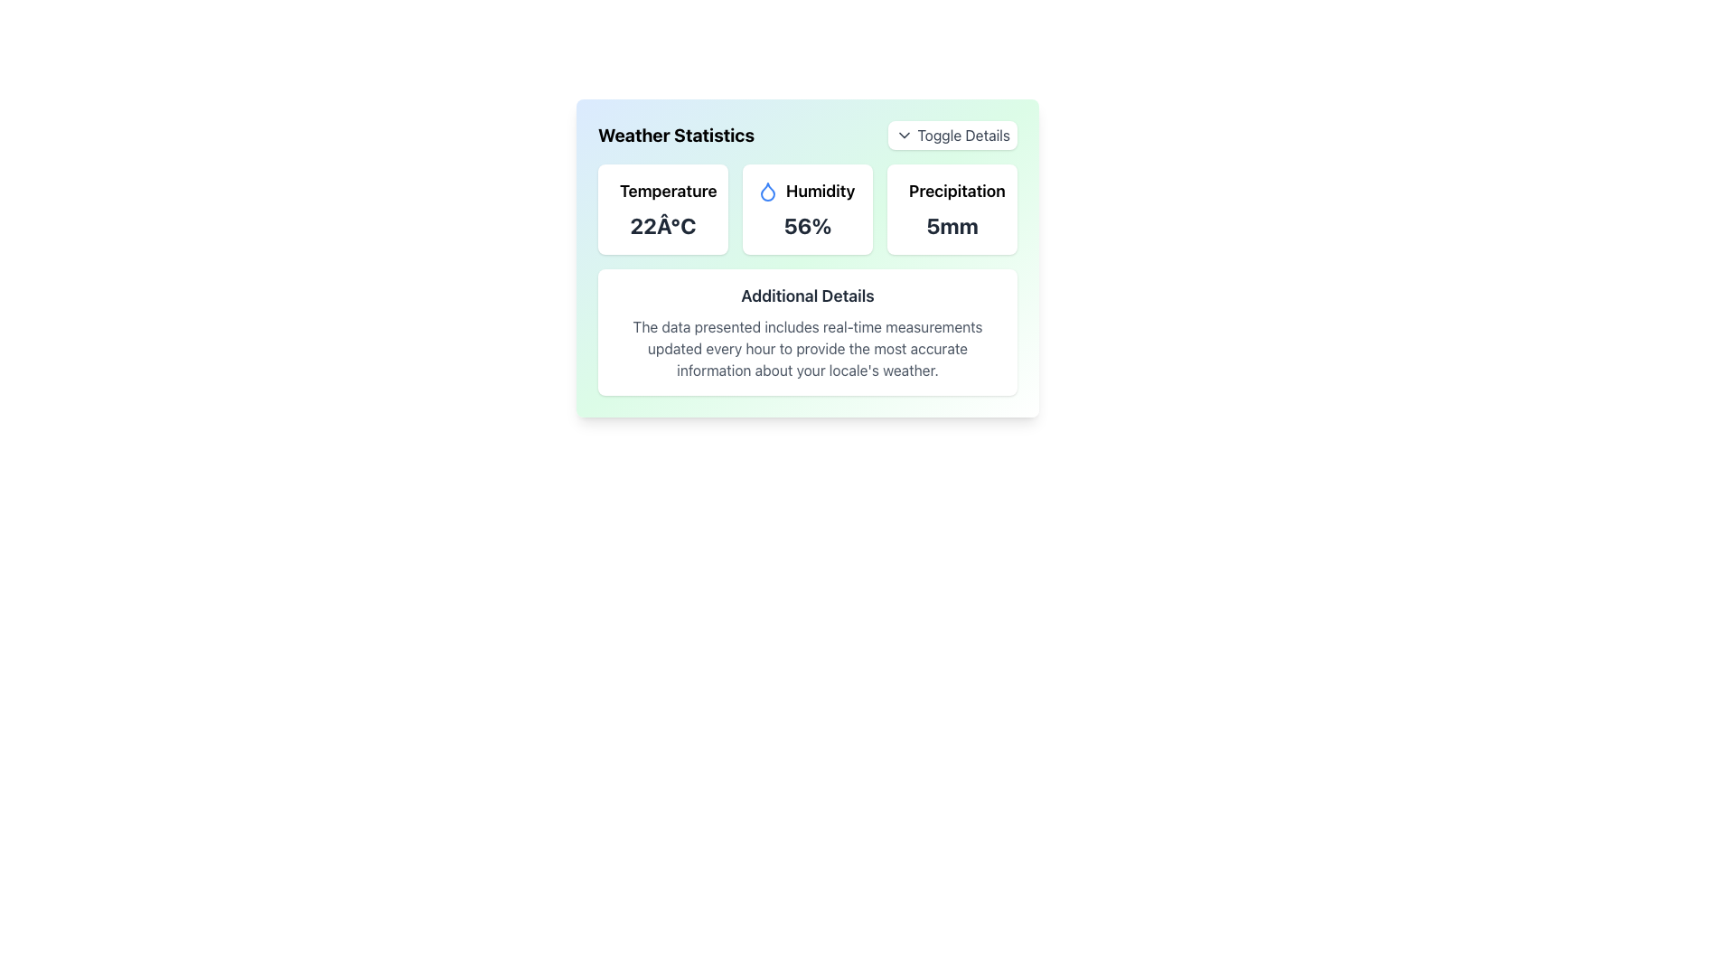 The height and width of the screenshot is (976, 1735). What do you see at coordinates (806, 348) in the screenshot?
I see `the block of gray text providing detailed explanations about real-time weather measurement updates, located under the 'Additional Details' heading` at bounding box center [806, 348].